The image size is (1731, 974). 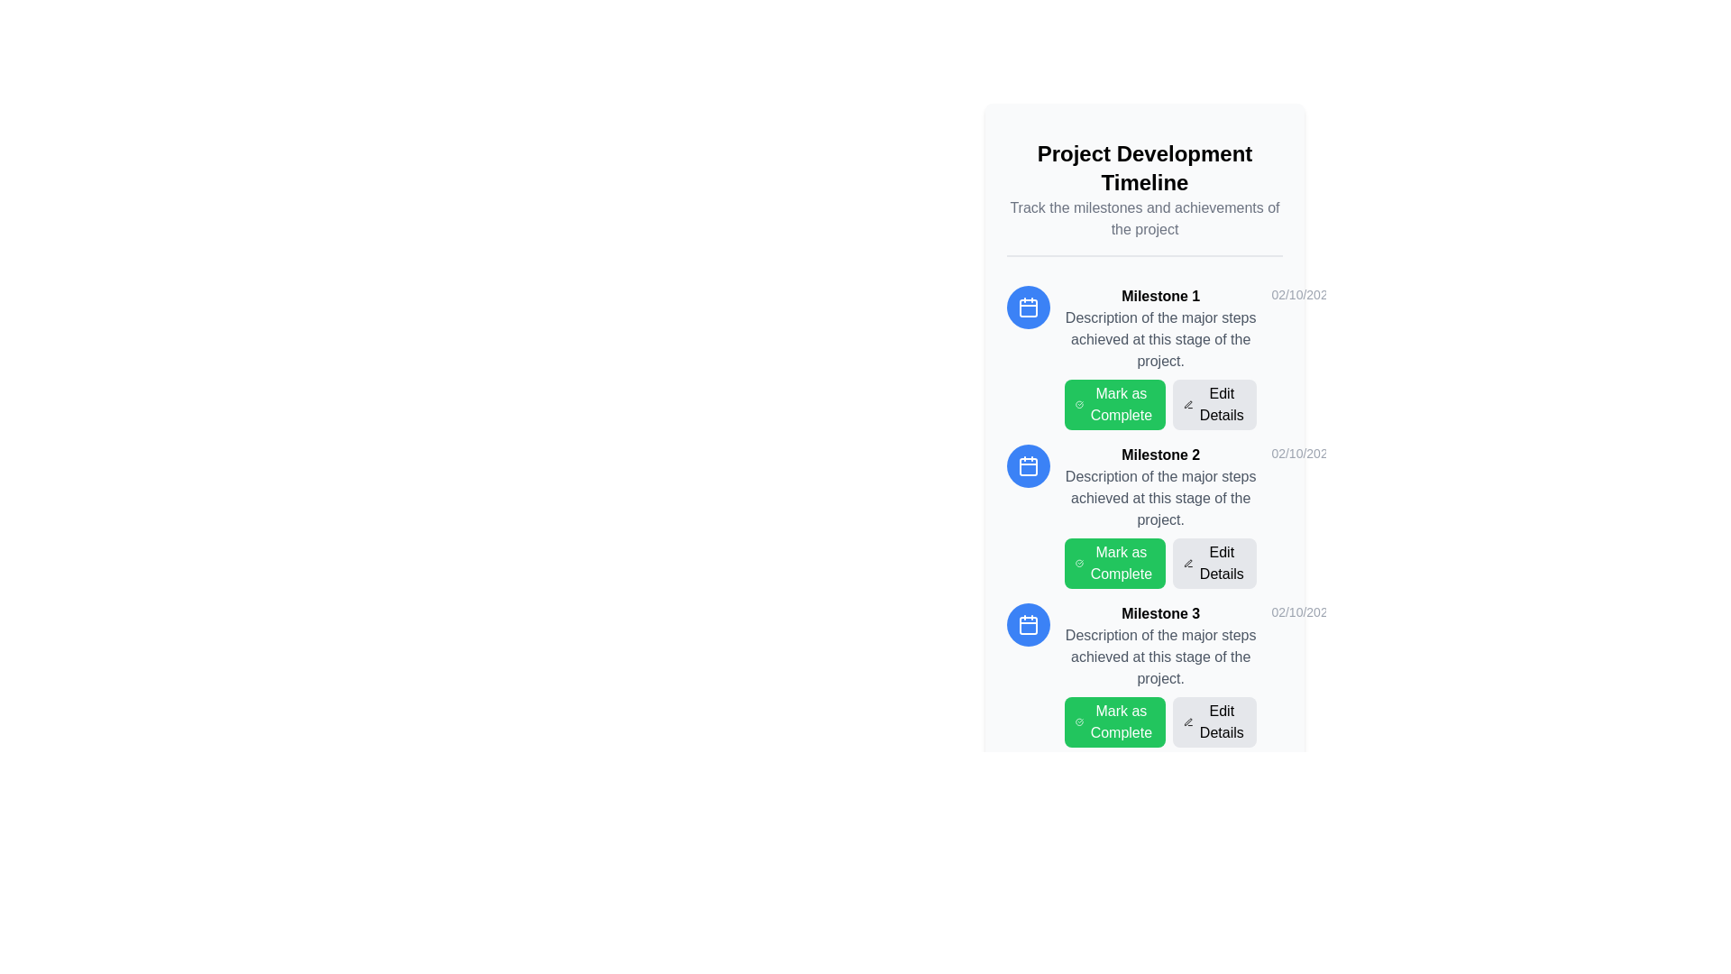 What do you see at coordinates (1188, 721) in the screenshot?
I see `the small, outlined gray pen icon button representing editing functionality, located within the 'Edit Details' button at the bottom-right of the 'Milestone 3' section` at bounding box center [1188, 721].